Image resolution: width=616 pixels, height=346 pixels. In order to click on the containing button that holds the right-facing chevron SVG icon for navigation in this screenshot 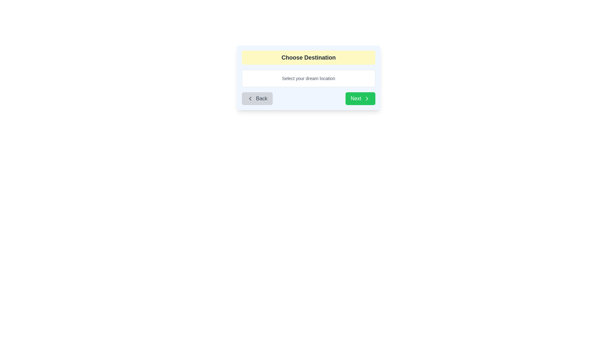, I will do `click(367, 99)`.